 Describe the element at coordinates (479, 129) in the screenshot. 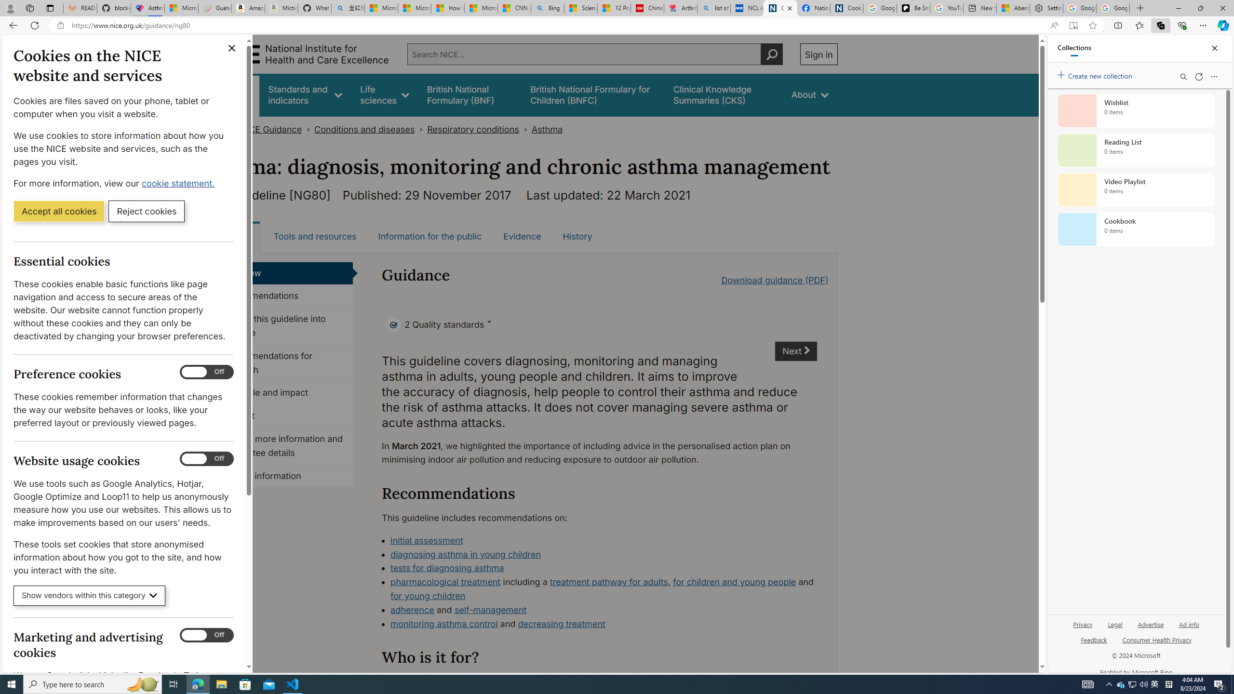

I see `'Respiratory conditions>'` at that location.